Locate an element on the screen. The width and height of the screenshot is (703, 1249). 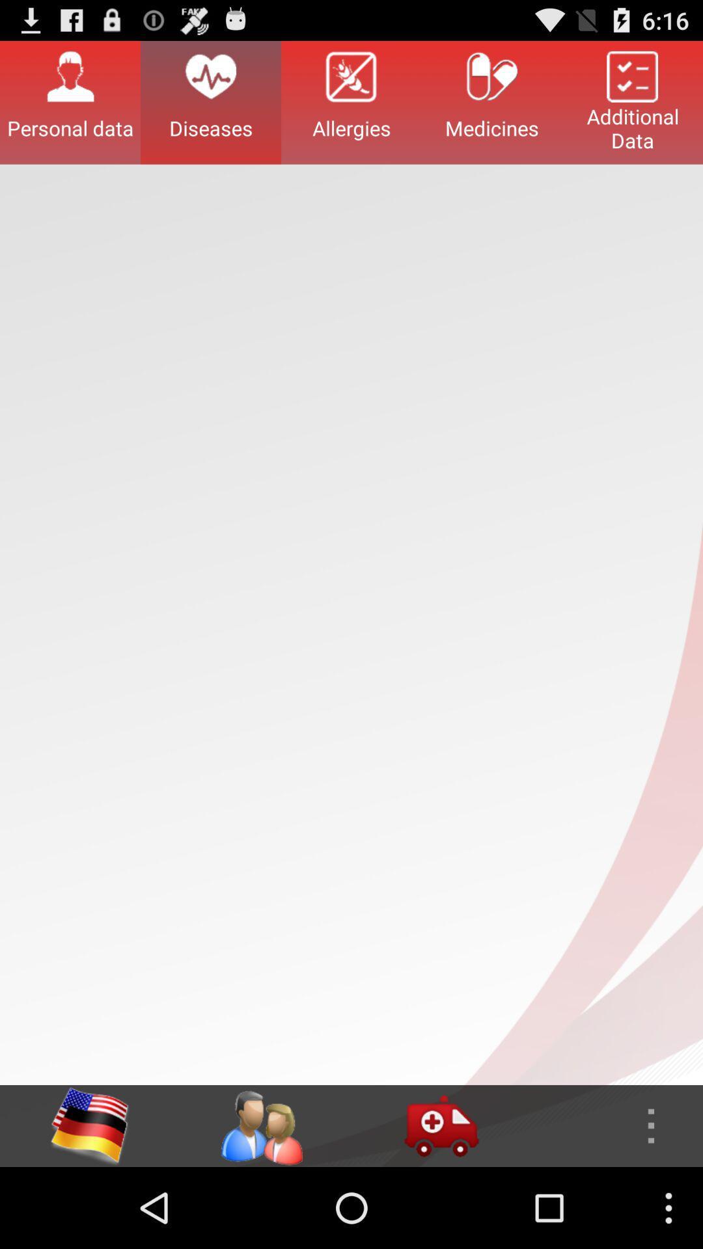
the button next to the personal data button is located at coordinates (210, 101).